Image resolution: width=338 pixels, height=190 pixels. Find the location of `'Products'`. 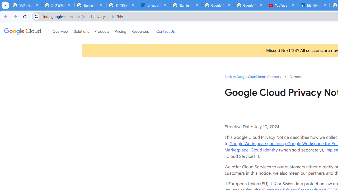

'Products' is located at coordinates (102, 31).